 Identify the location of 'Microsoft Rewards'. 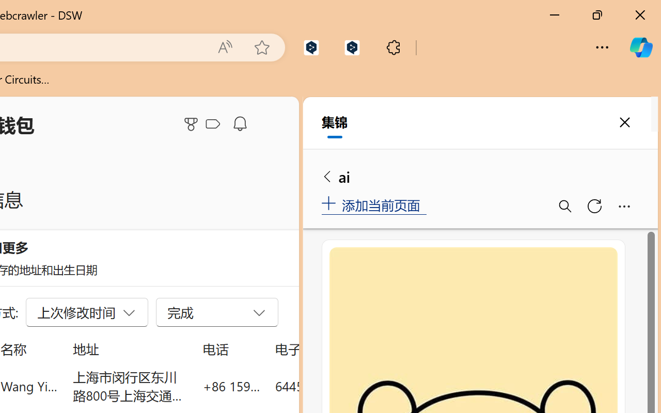
(193, 123).